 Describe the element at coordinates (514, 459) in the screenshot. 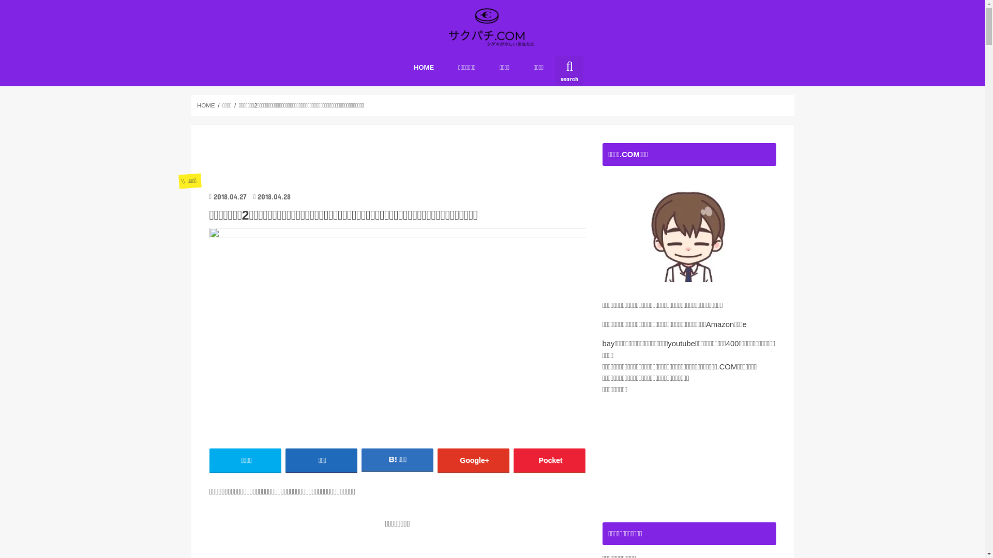

I see `'Pocket'` at that location.